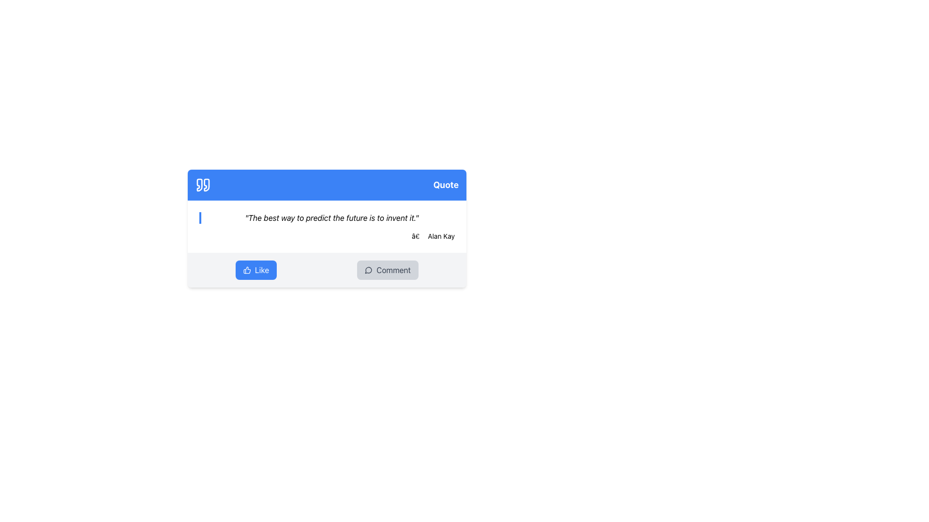 The width and height of the screenshot is (929, 522). I want to click on the text label that indicates the 'Comment' button, which is positioned within the gray button component containing a speech bubble icon, so click(393, 270).